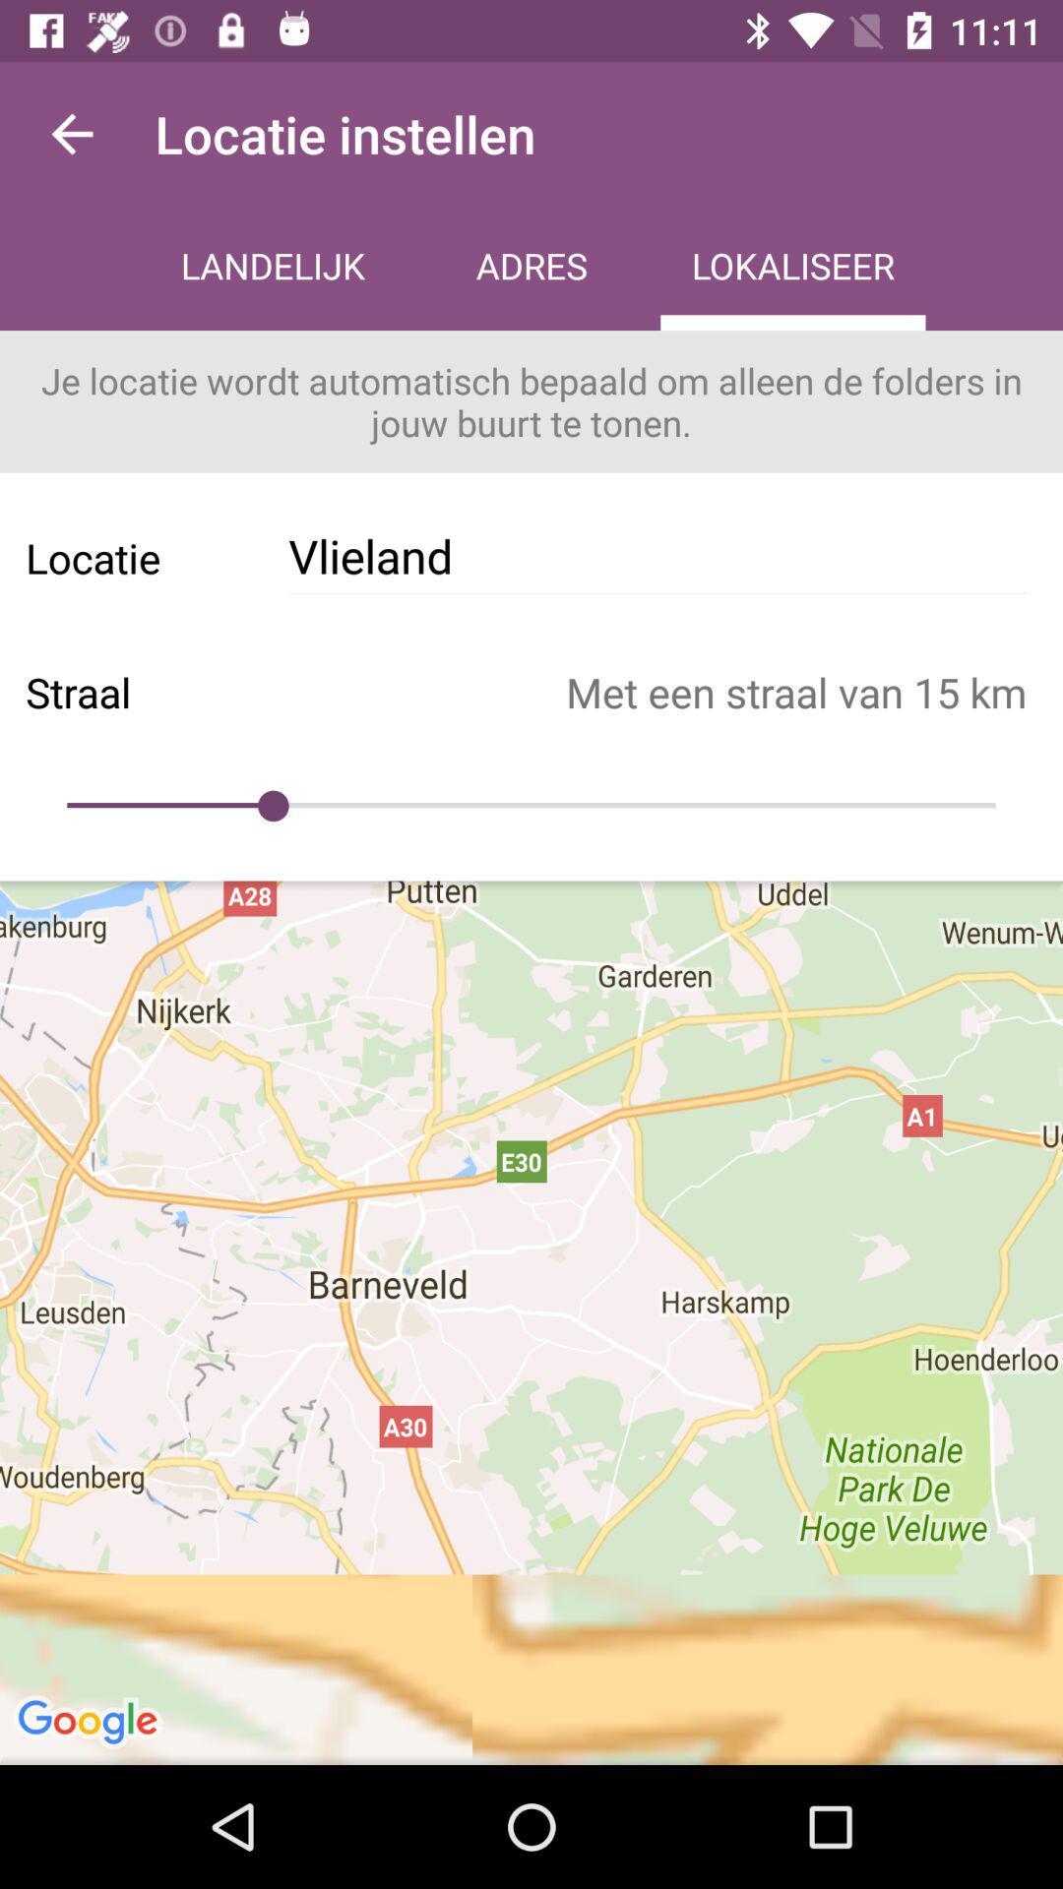 Image resolution: width=1063 pixels, height=1889 pixels. I want to click on lokaliseer, so click(791, 268).